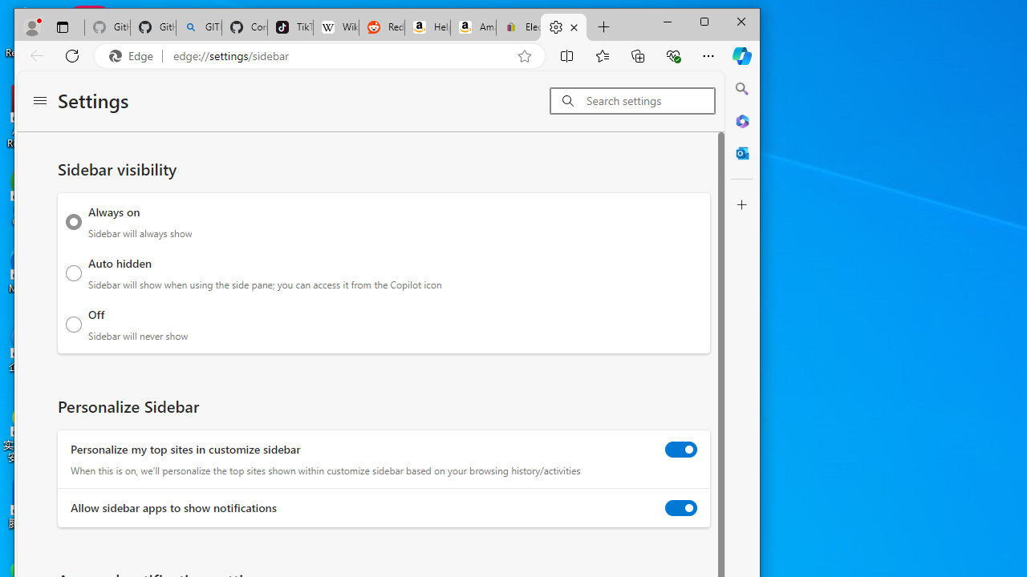 This screenshot has width=1027, height=577. Describe the element at coordinates (198, 27) in the screenshot. I see `'GITHUB - Search'` at that location.